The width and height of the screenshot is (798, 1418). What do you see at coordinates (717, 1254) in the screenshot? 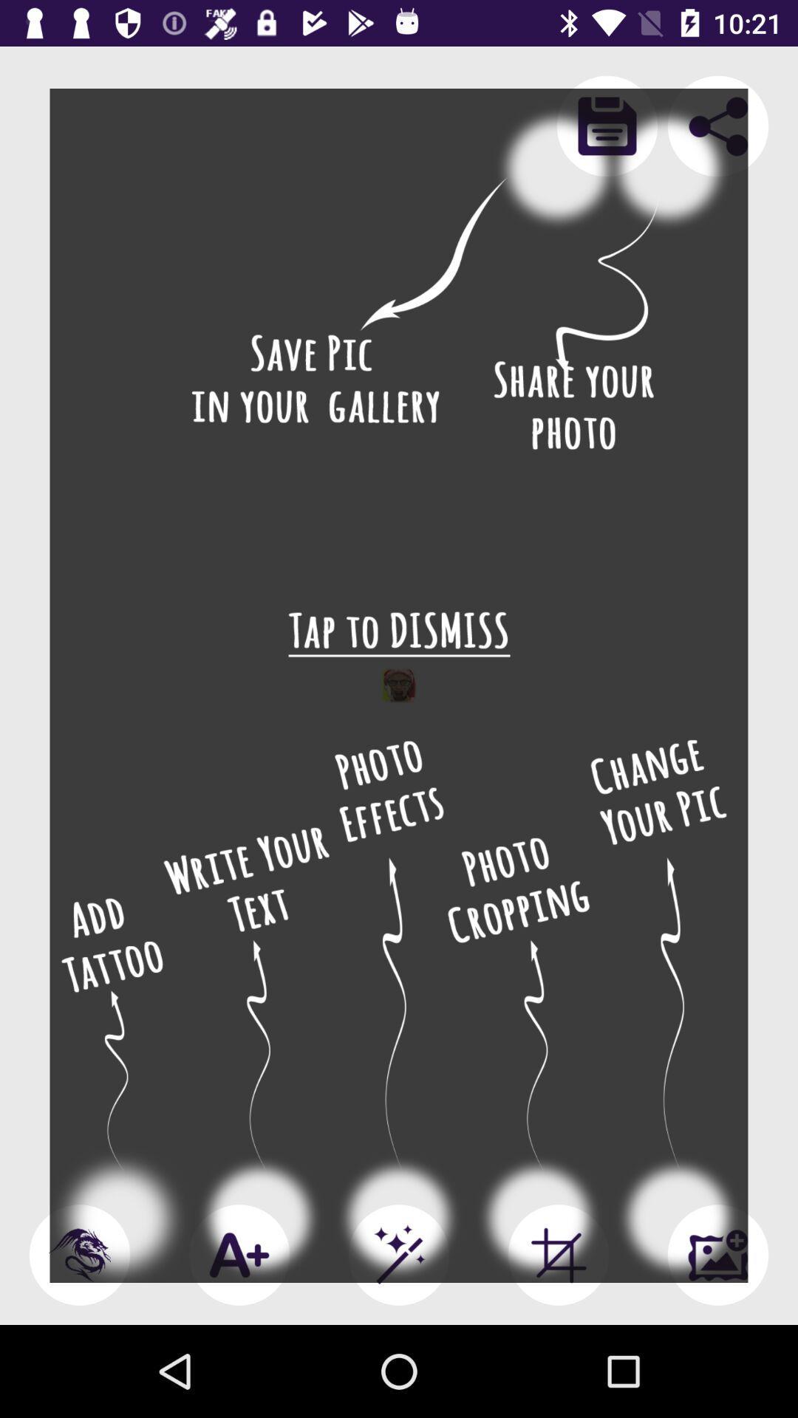
I see `the wallpaper icon` at bounding box center [717, 1254].